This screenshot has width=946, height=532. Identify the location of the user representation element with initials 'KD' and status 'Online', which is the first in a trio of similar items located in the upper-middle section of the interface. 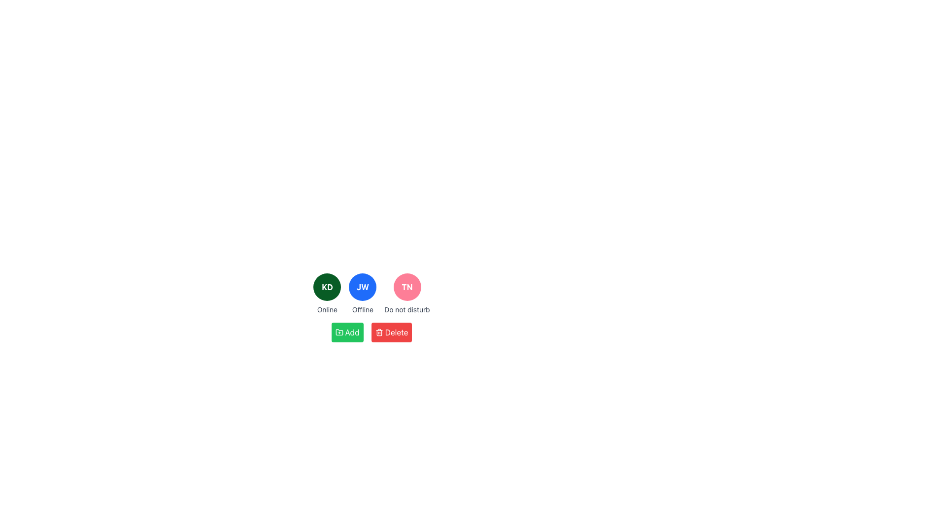
(327, 294).